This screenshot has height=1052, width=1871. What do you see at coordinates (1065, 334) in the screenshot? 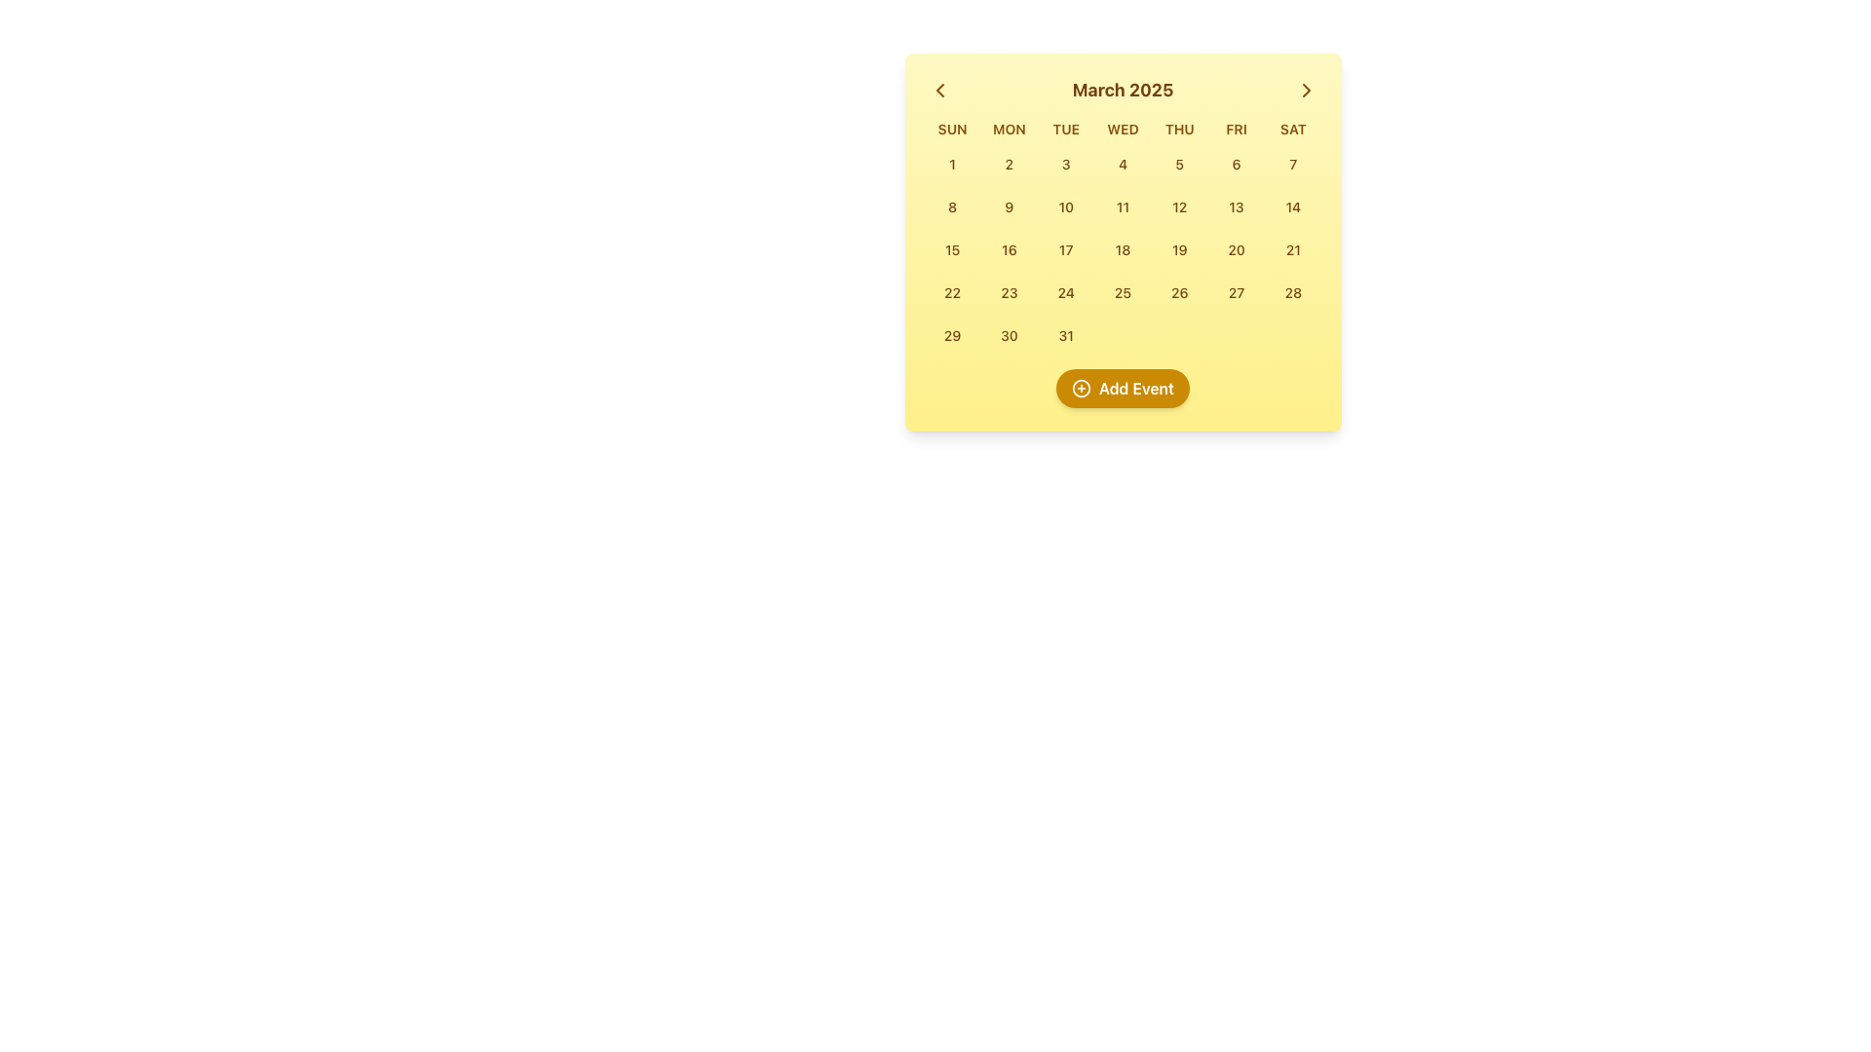
I see `the Text Display element representing the date '31' in the calendar, positioned in the last column of the calendar grid` at bounding box center [1065, 334].